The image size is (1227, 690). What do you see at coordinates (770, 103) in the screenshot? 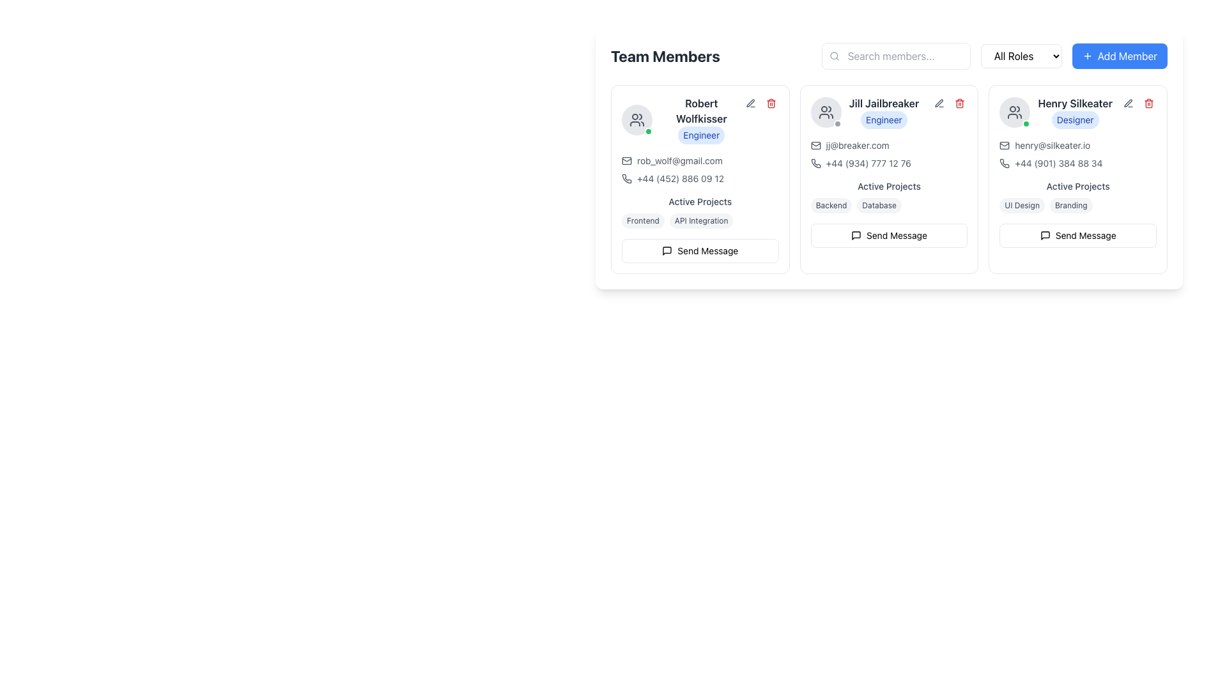
I see `the trash bin icon located at the top-right corner of Robert Wolfkisser's profile card` at bounding box center [770, 103].